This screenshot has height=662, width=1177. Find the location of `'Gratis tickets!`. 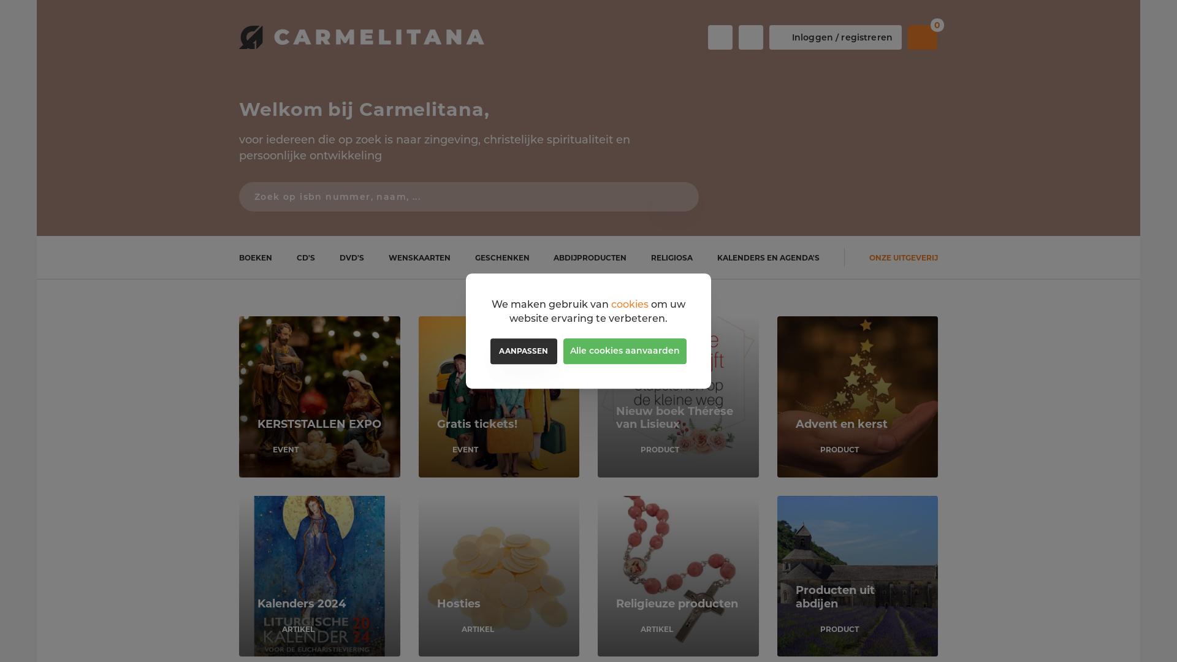

'Gratis tickets! is located at coordinates (498, 397).